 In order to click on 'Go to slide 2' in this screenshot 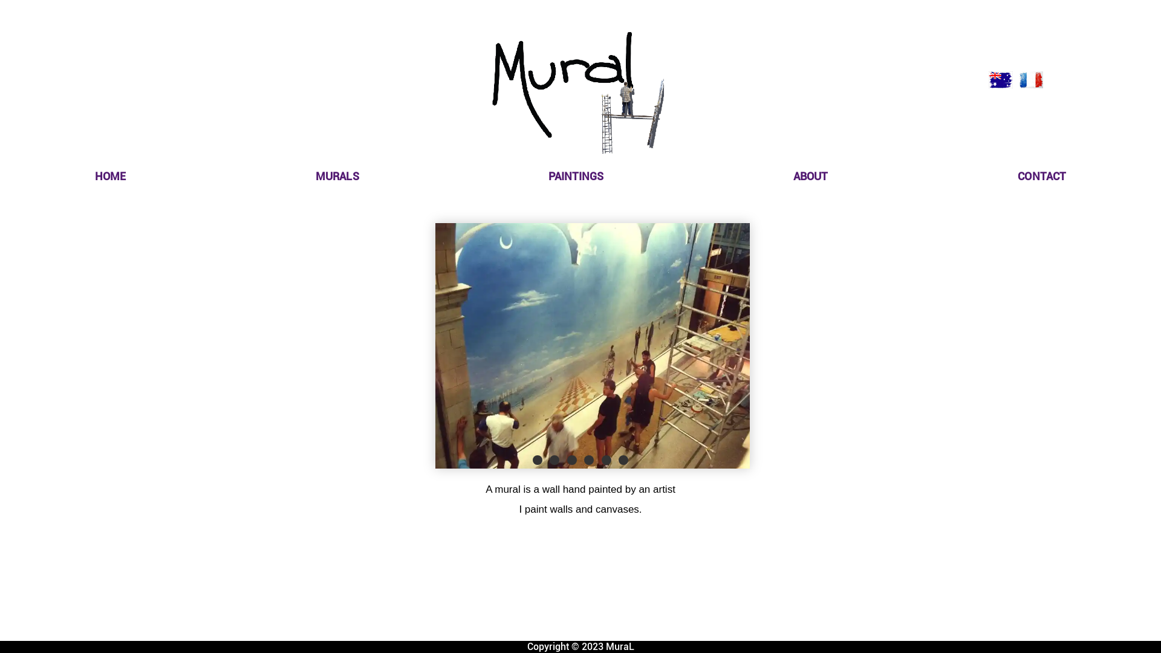, I will do `click(547, 460)`.